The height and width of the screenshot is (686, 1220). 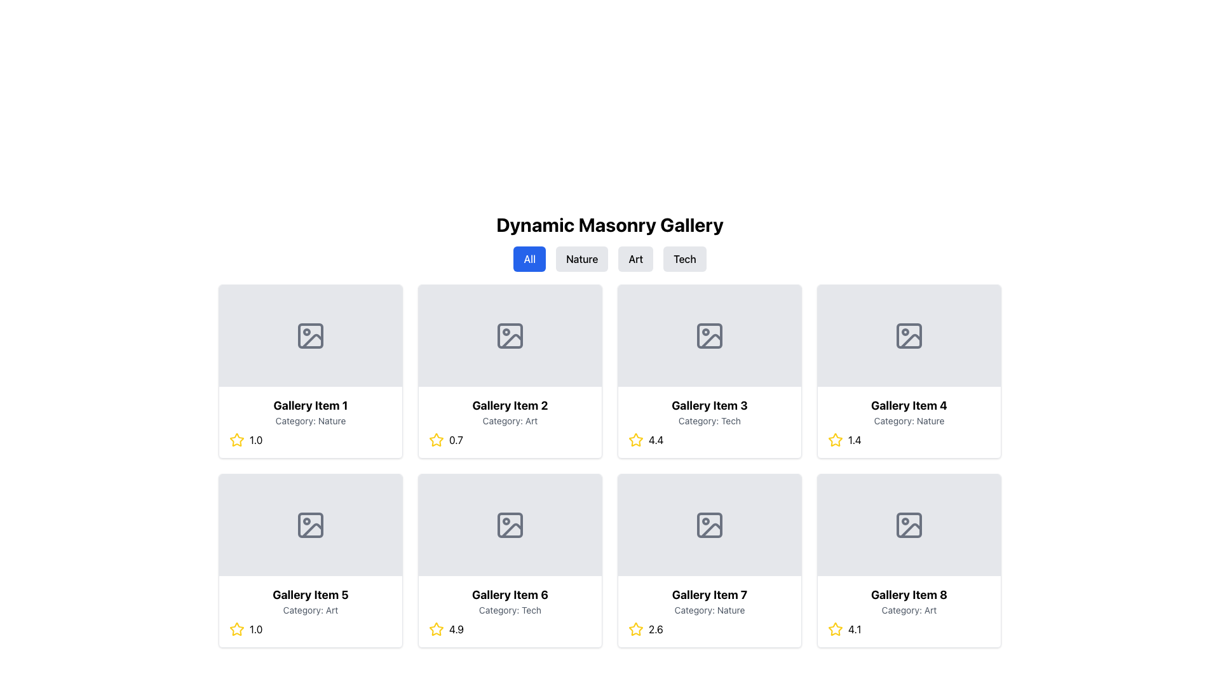 I want to click on the decorative graphic element within the SVG icon of 'Gallery Item 2', located in the first row and second column of the grid, so click(x=510, y=335).